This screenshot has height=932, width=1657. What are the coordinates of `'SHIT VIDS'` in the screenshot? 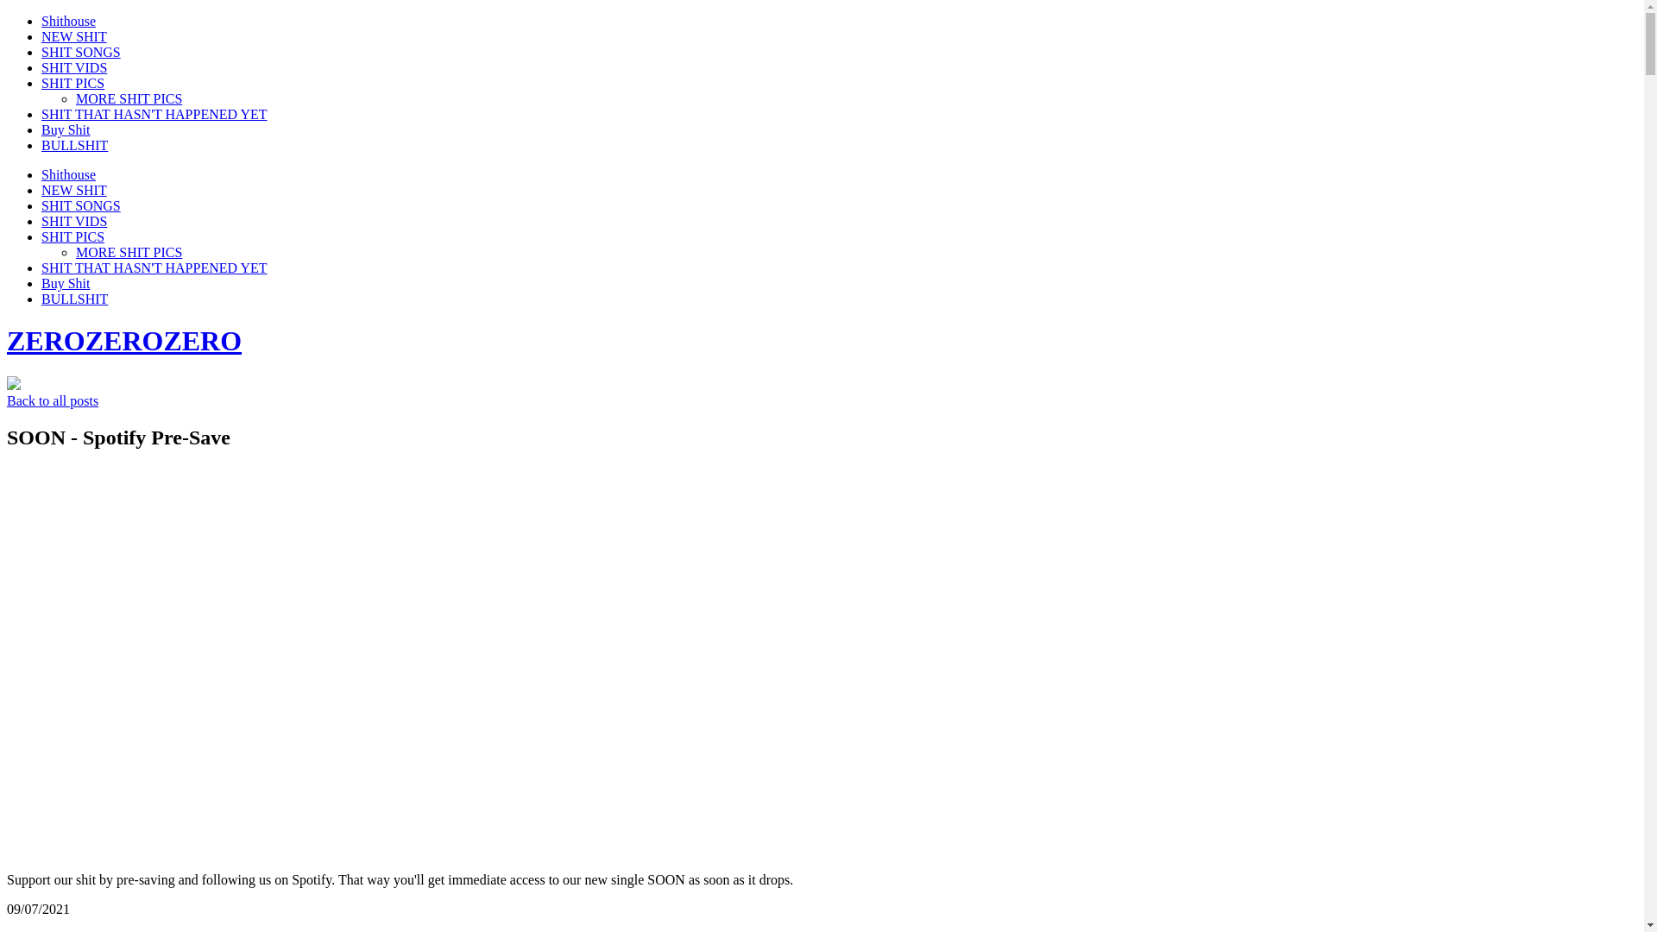 It's located at (73, 66).